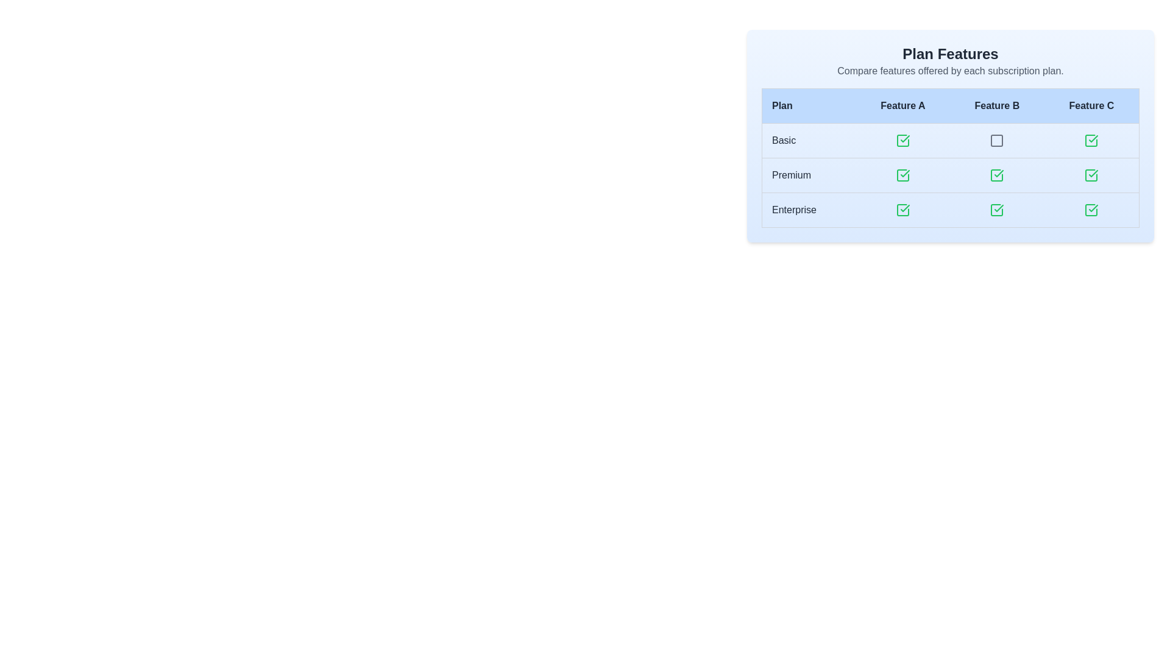  What do you see at coordinates (999, 174) in the screenshot?
I see `the checkmark vector icon in the 'Feature B' column of the 'Premium' subscription plan` at bounding box center [999, 174].